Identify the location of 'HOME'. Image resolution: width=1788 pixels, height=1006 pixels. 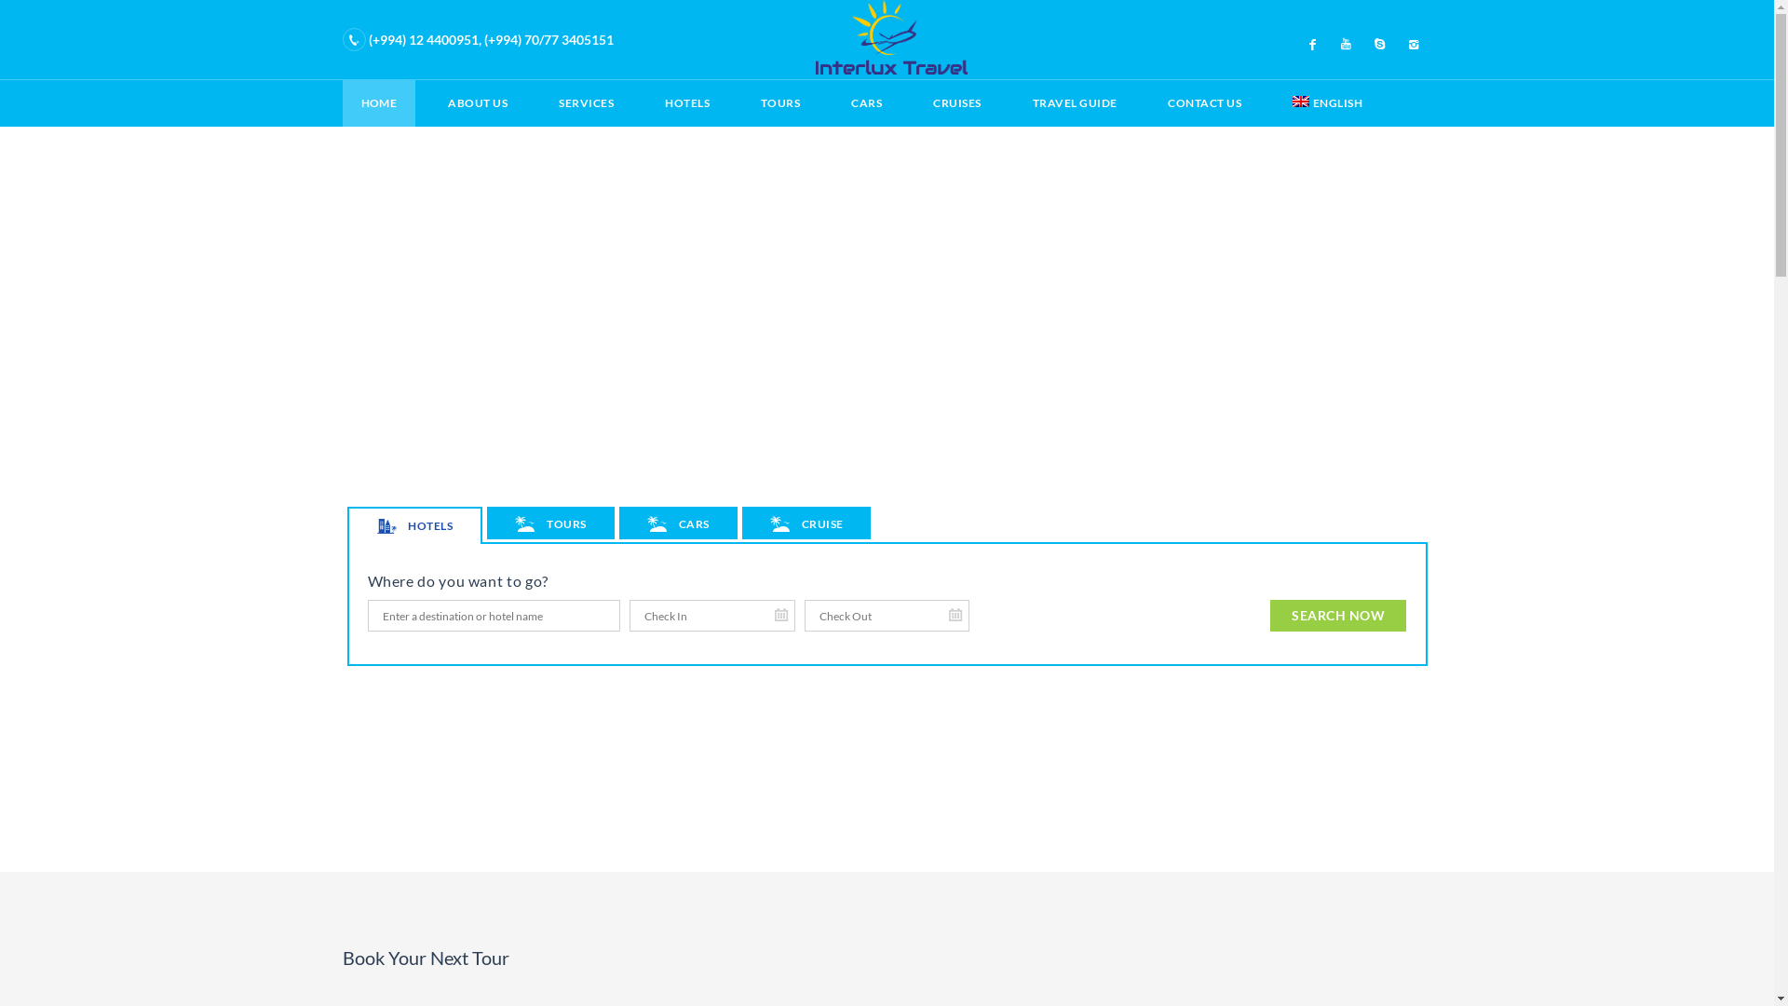
(343, 103).